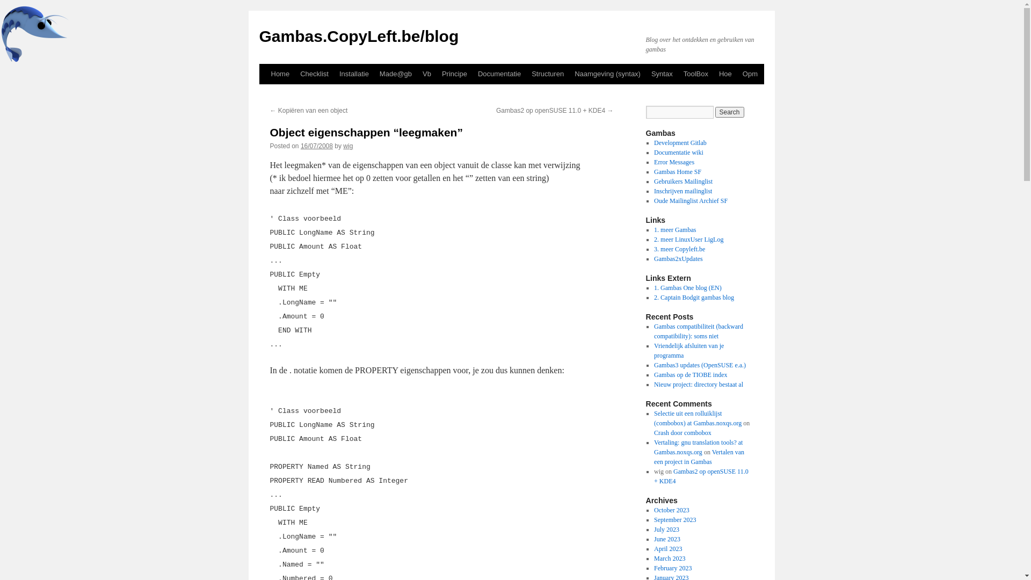 The height and width of the screenshot is (580, 1031). Describe the element at coordinates (314, 74) in the screenshot. I see `'Checklist'` at that location.